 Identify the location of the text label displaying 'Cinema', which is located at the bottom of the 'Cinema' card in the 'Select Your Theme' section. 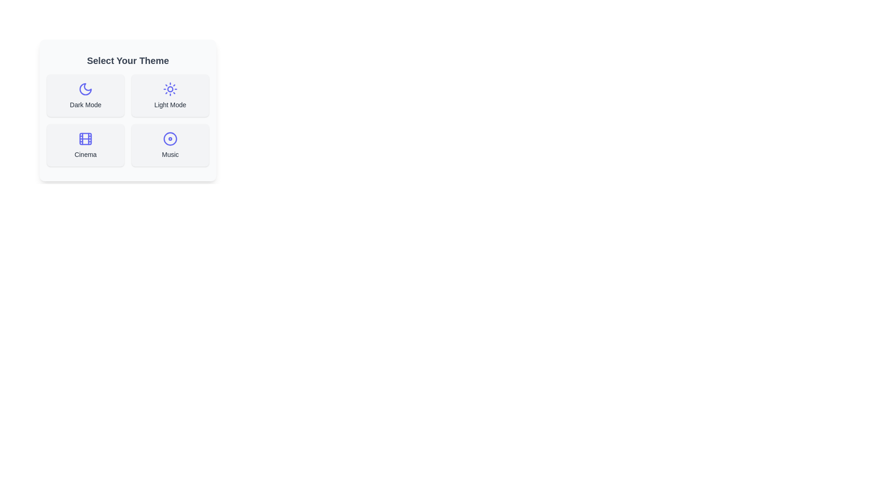
(86, 154).